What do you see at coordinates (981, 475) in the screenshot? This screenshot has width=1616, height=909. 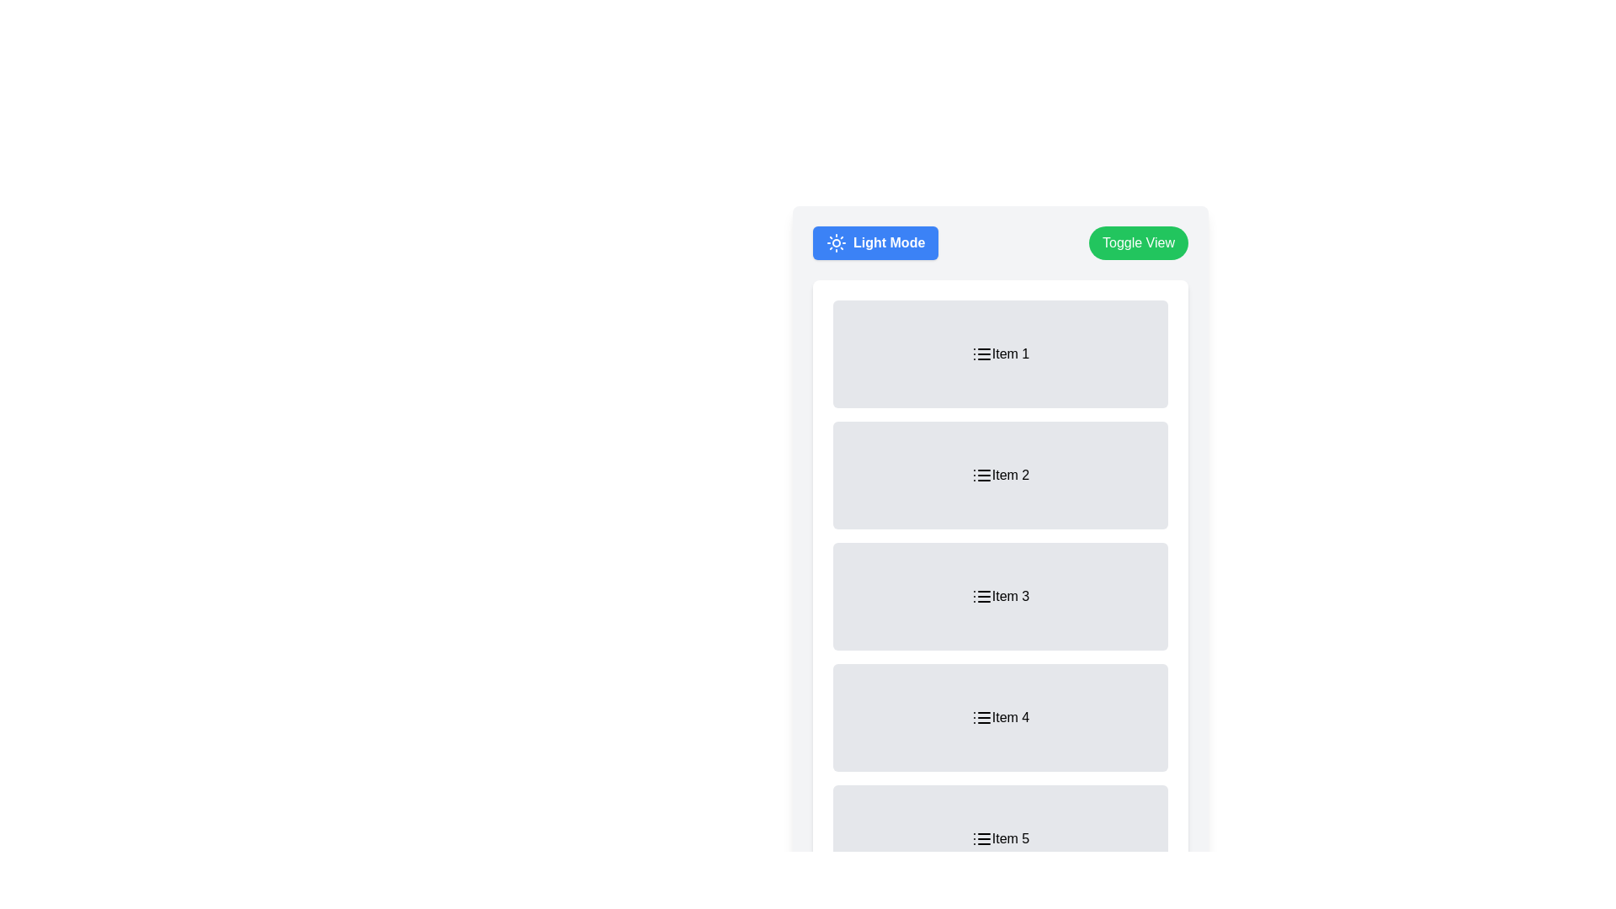 I see `the SVG icon depicting three horizontal lines, which is centrally aligned within 'Item 2'` at bounding box center [981, 475].